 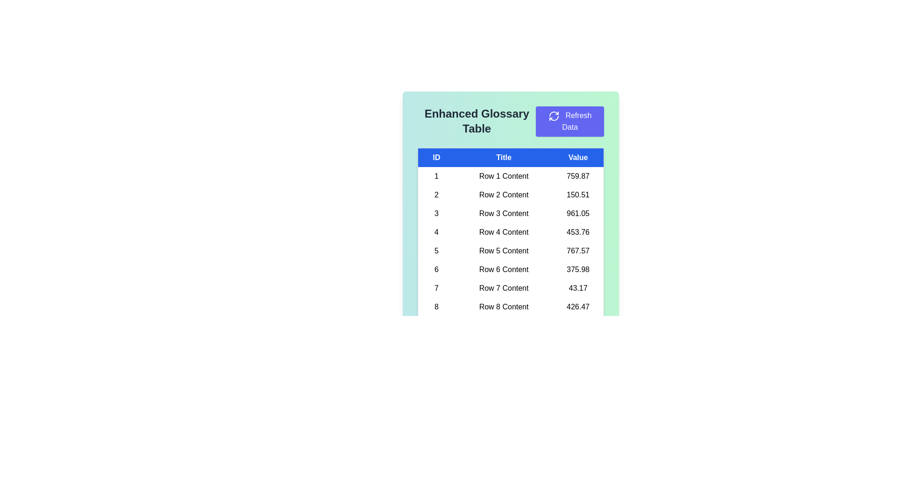 What do you see at coordinates (570, 121) in the screenshot?
I see `'Refresh Data' button to reload the table rows` at bounding box center [570, 121].